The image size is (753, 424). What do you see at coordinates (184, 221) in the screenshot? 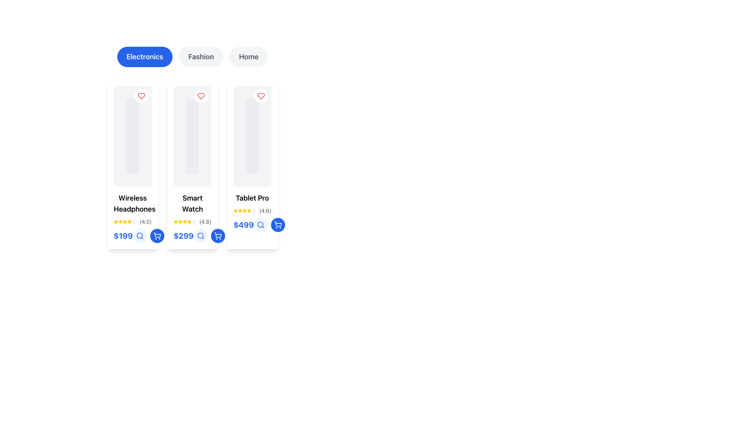
I see `the Rating star icon located in the ratings section of the second product card named 'Smart Watch', positioned centrally below the product image and above the price tag` at bounding box center [184, 221].